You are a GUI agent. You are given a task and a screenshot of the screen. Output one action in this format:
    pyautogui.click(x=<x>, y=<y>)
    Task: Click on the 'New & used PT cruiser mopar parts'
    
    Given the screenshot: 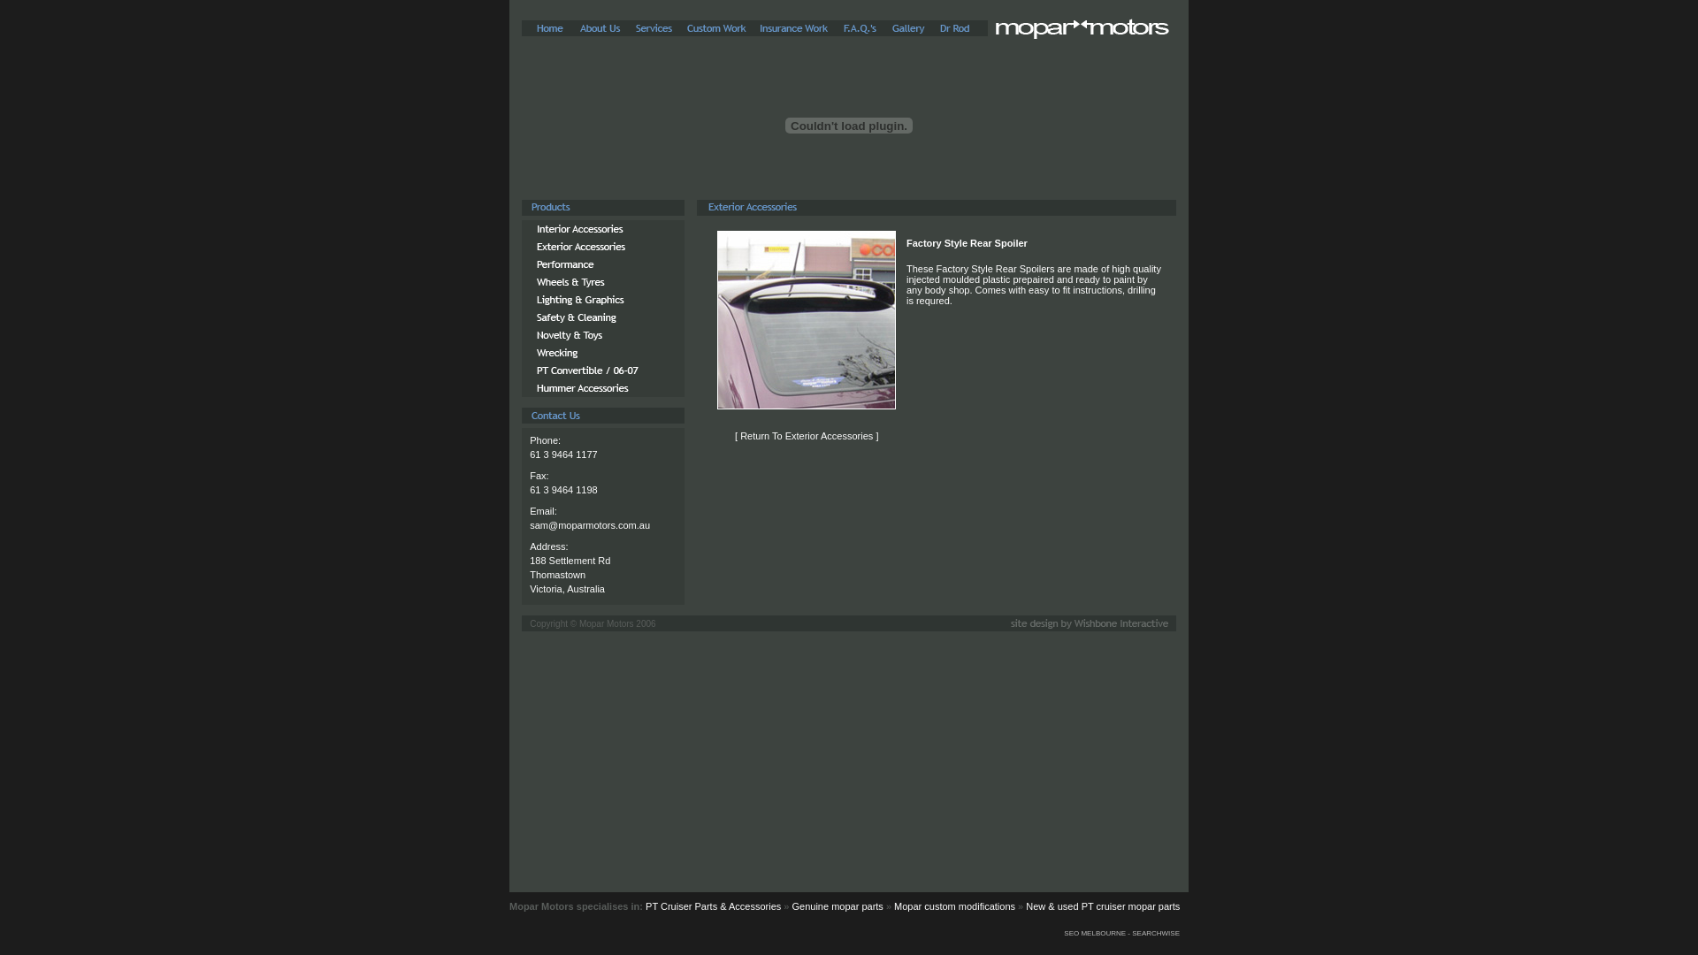 What is the action you would take?
    pyautogui.click(x=1102, y=906)
    